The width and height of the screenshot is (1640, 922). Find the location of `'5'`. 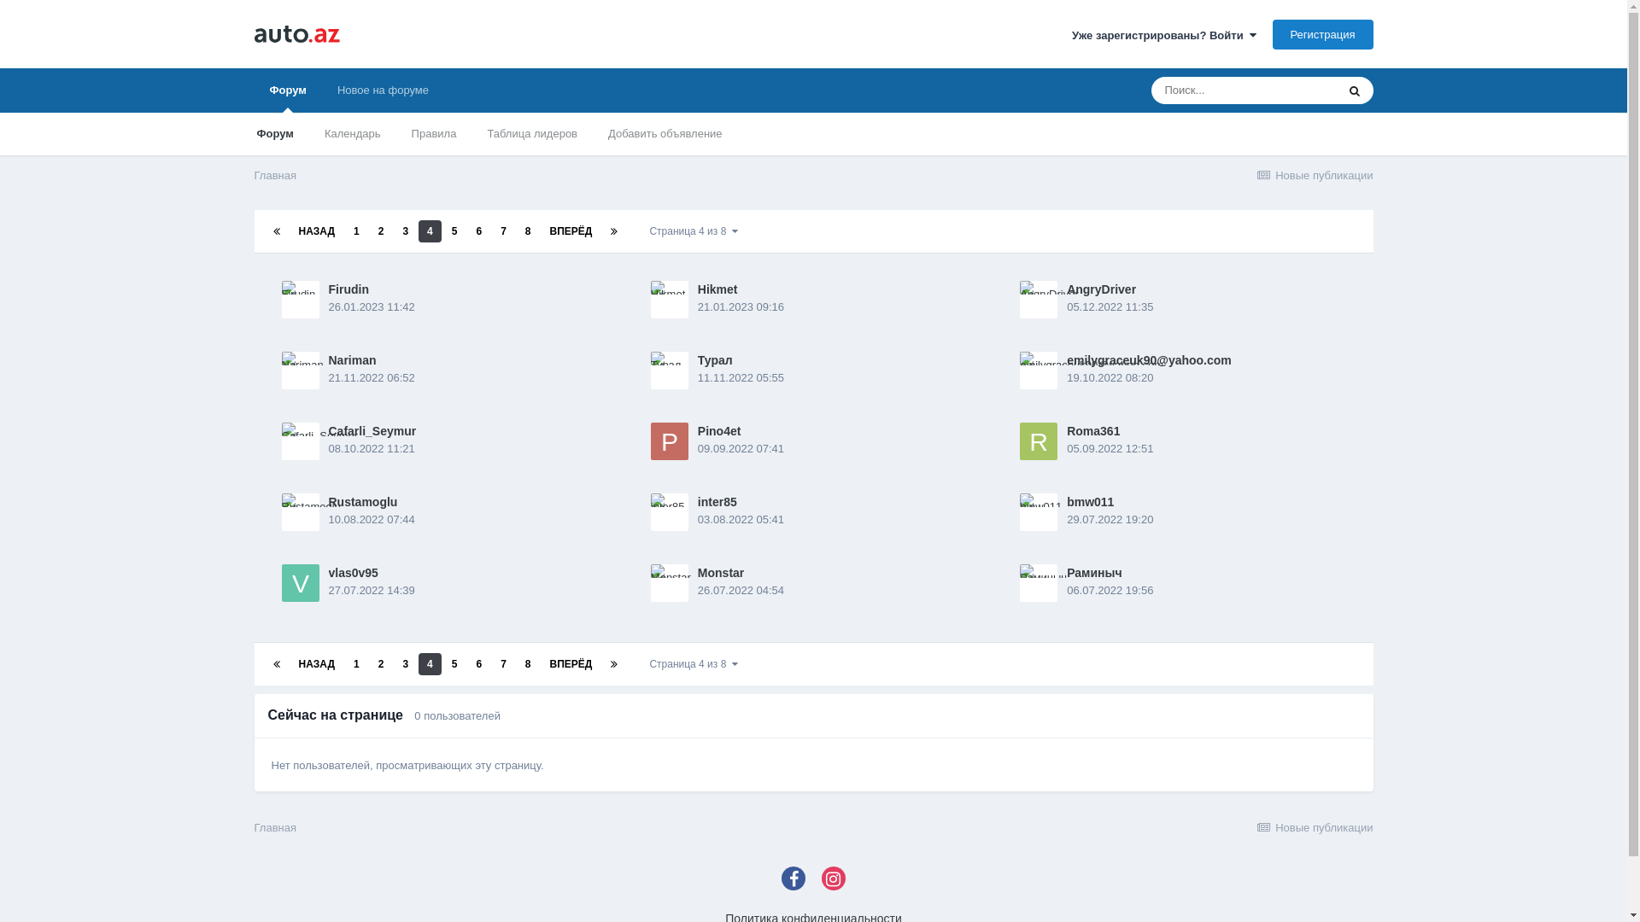

'5' is located at coordinates (454, 662).